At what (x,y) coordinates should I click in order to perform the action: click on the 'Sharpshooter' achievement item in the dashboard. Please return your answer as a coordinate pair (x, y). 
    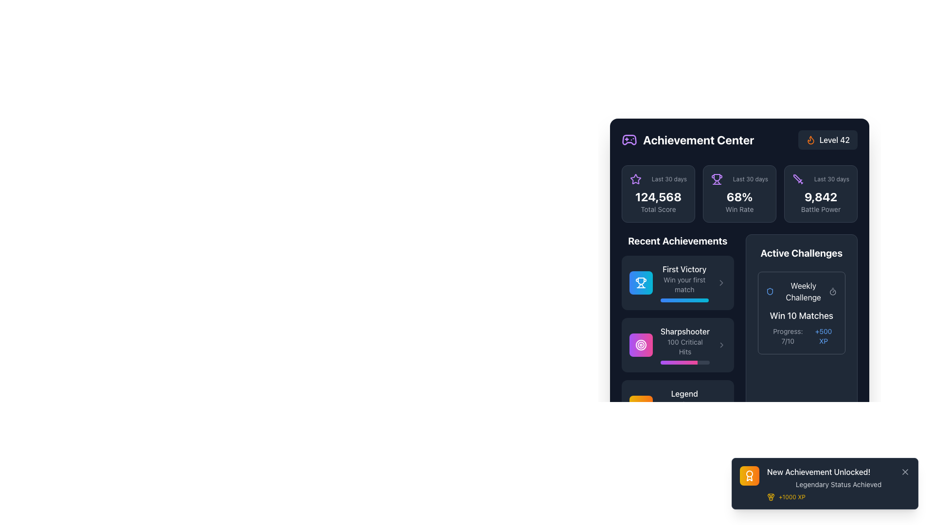
    Looking at the image, I should click on (677, 344).